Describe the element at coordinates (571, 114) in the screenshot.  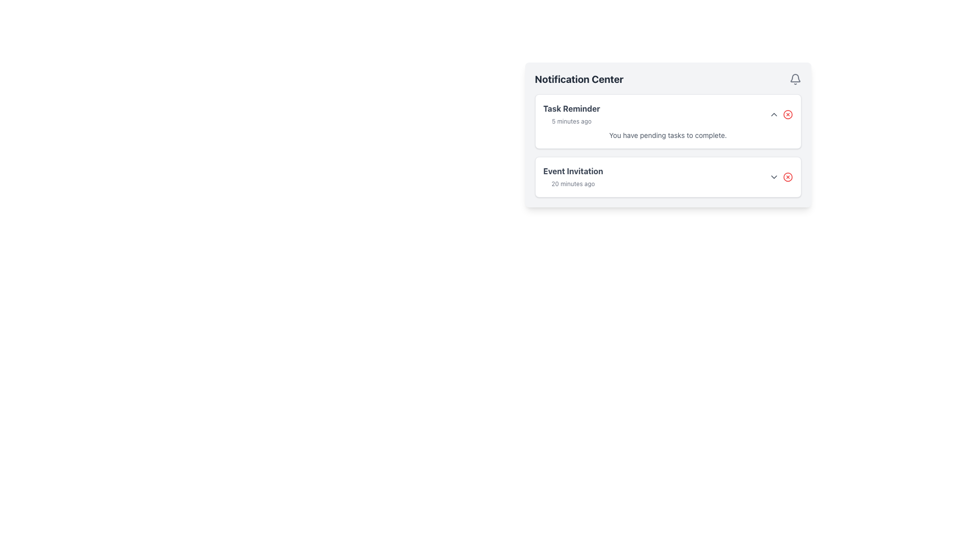
I see `timestamp from the 'Task Reminder' text block which shows '5 minutes ago' located below the bold text in the Notification Center` at that location.